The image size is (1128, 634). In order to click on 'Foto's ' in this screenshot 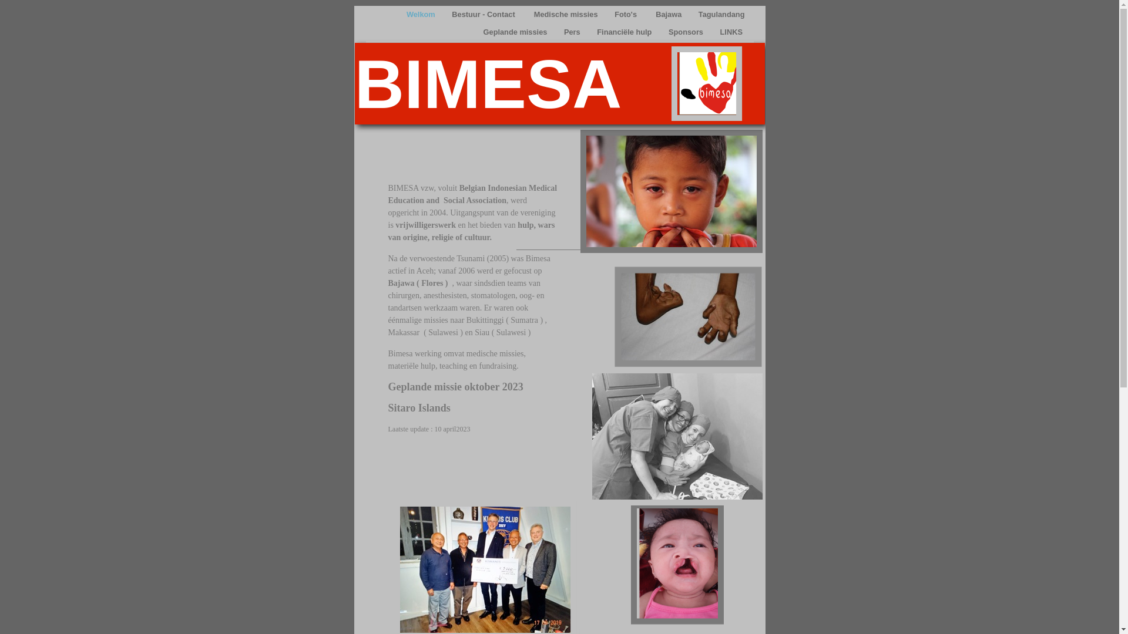, I will do `click(609, 14)`.